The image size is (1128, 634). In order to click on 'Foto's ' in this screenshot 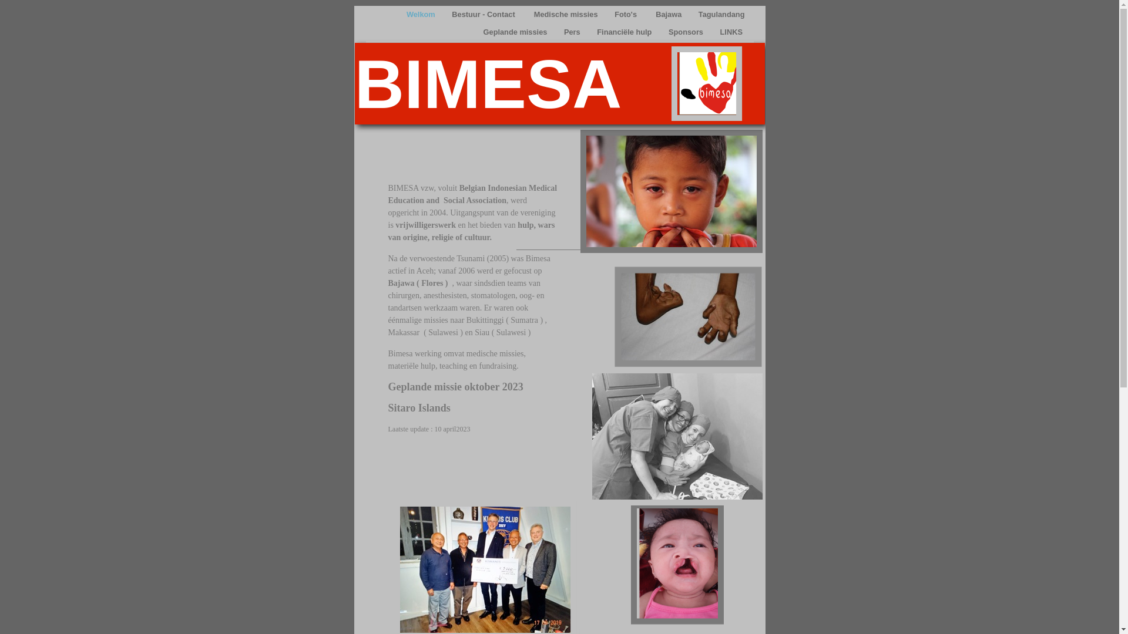, I will do `click(609, 14)`.